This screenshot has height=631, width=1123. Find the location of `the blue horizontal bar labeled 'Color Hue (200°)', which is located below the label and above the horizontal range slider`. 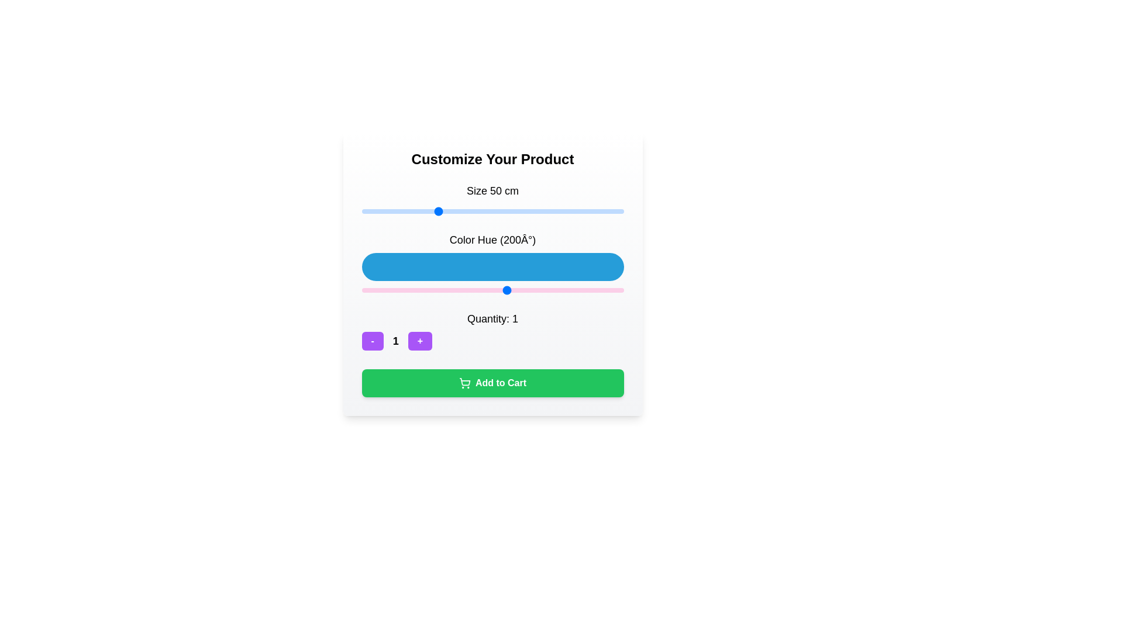

the blue horizontal bar labeled 'Color Hue (200°)', which is located below the label and above the horizontal range slider is located at coordinates (492, 264).